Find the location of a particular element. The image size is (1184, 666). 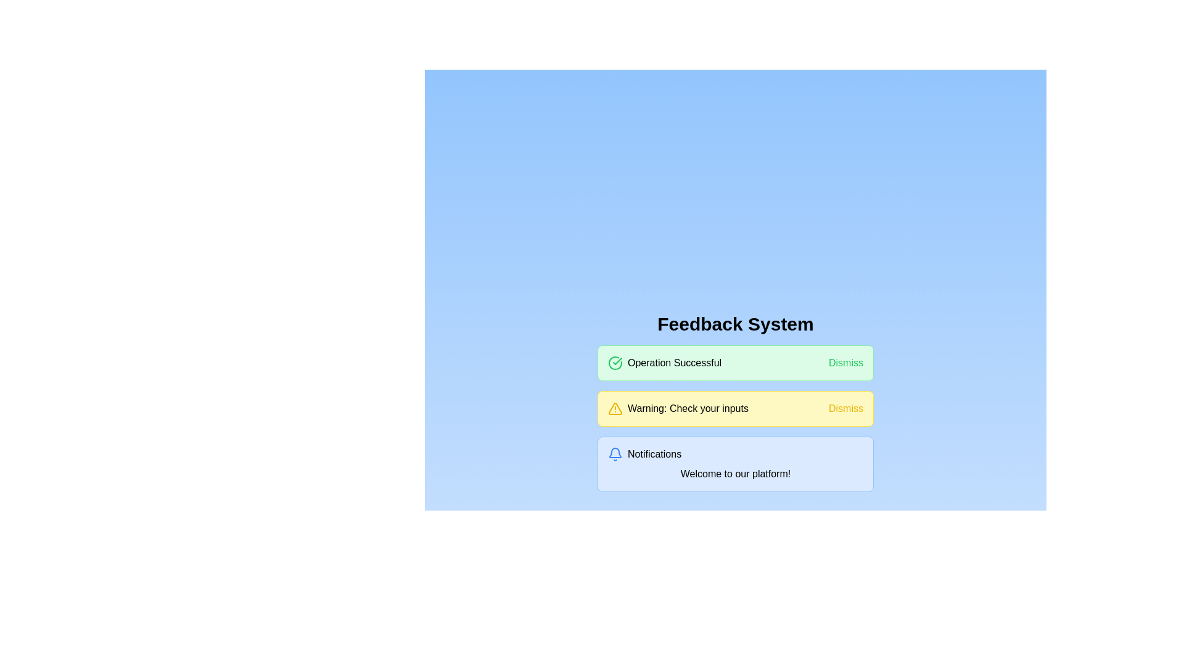

the static text label that provides a warning notification saying 'Check your inputs', positioned in the middle of the yellow notification banner is located at coordinates (687, 409).